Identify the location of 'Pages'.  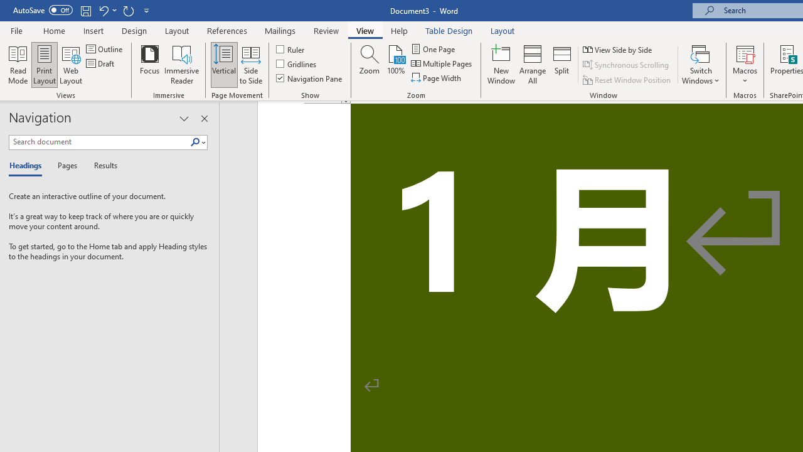
(65, 166).